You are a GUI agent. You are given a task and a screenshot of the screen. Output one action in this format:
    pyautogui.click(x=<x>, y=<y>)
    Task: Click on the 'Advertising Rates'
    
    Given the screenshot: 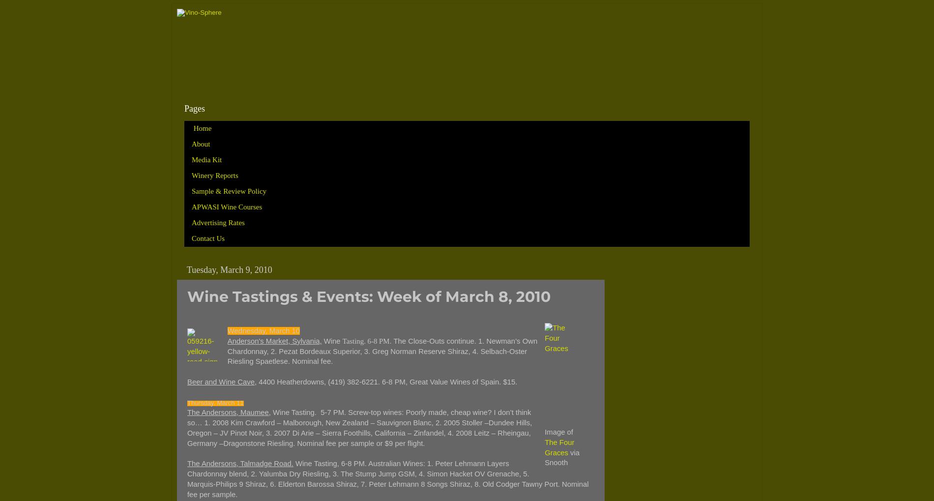 What is the action you would take?
    pyautogui.click(x=217, y=223)
    